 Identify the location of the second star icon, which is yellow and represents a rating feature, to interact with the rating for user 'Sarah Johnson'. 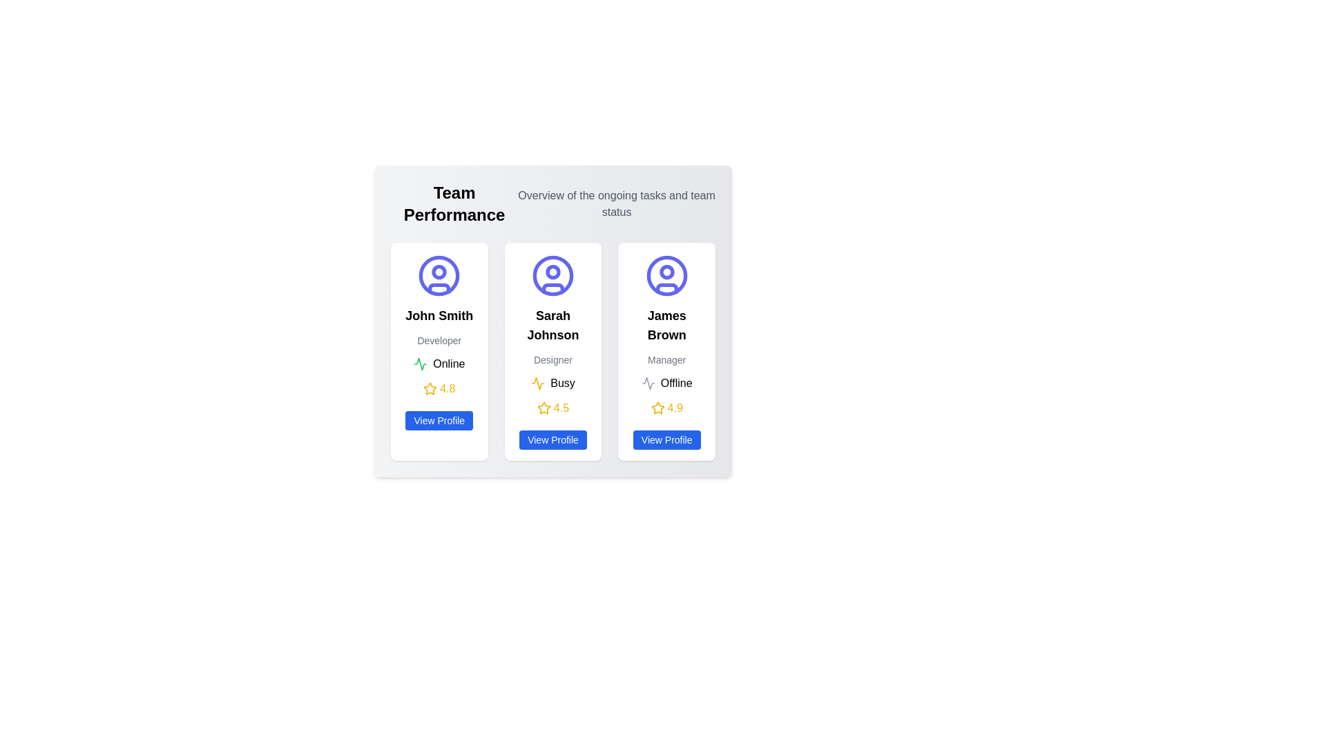
(543, 407).